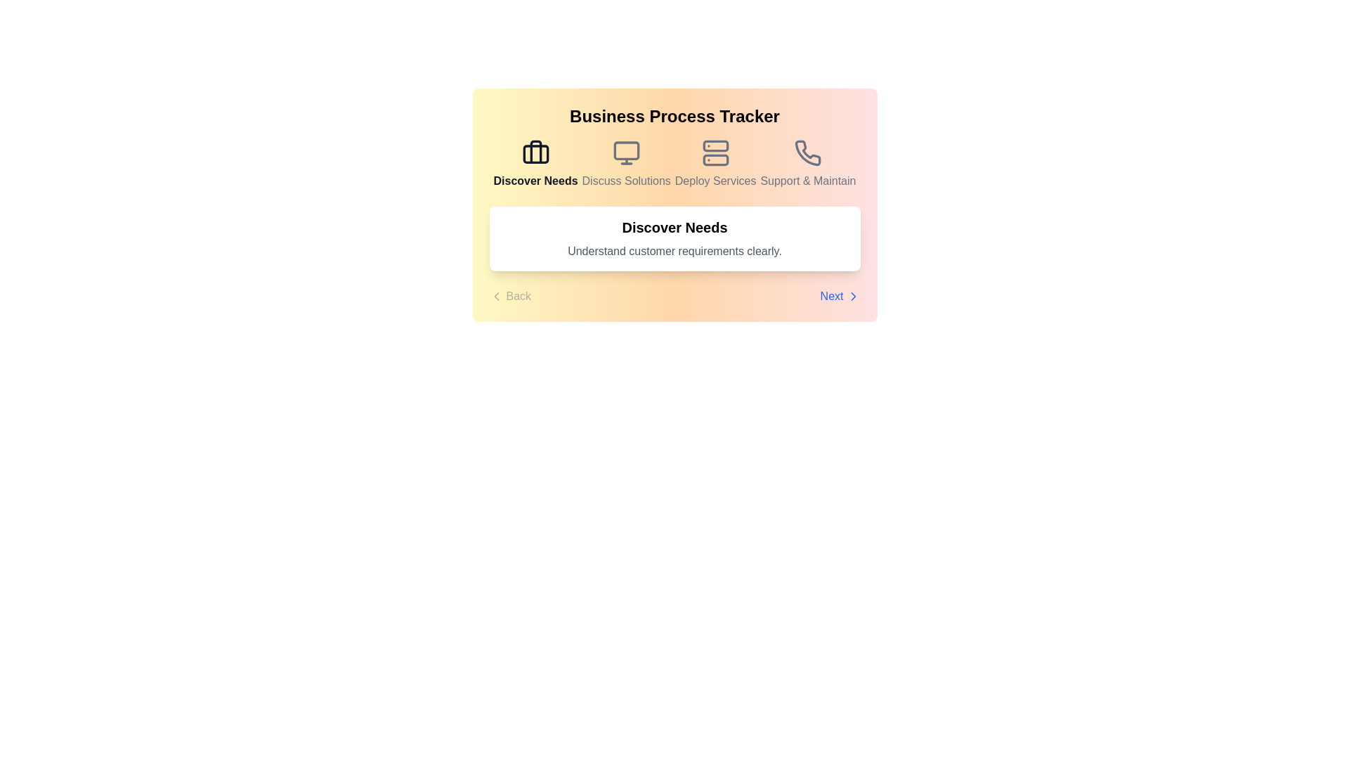 The image size is (1349, 759). Describe the element at coordinates (625, 164) in the screenshot. I see `the step icon for Discuss Solutions` at that location.